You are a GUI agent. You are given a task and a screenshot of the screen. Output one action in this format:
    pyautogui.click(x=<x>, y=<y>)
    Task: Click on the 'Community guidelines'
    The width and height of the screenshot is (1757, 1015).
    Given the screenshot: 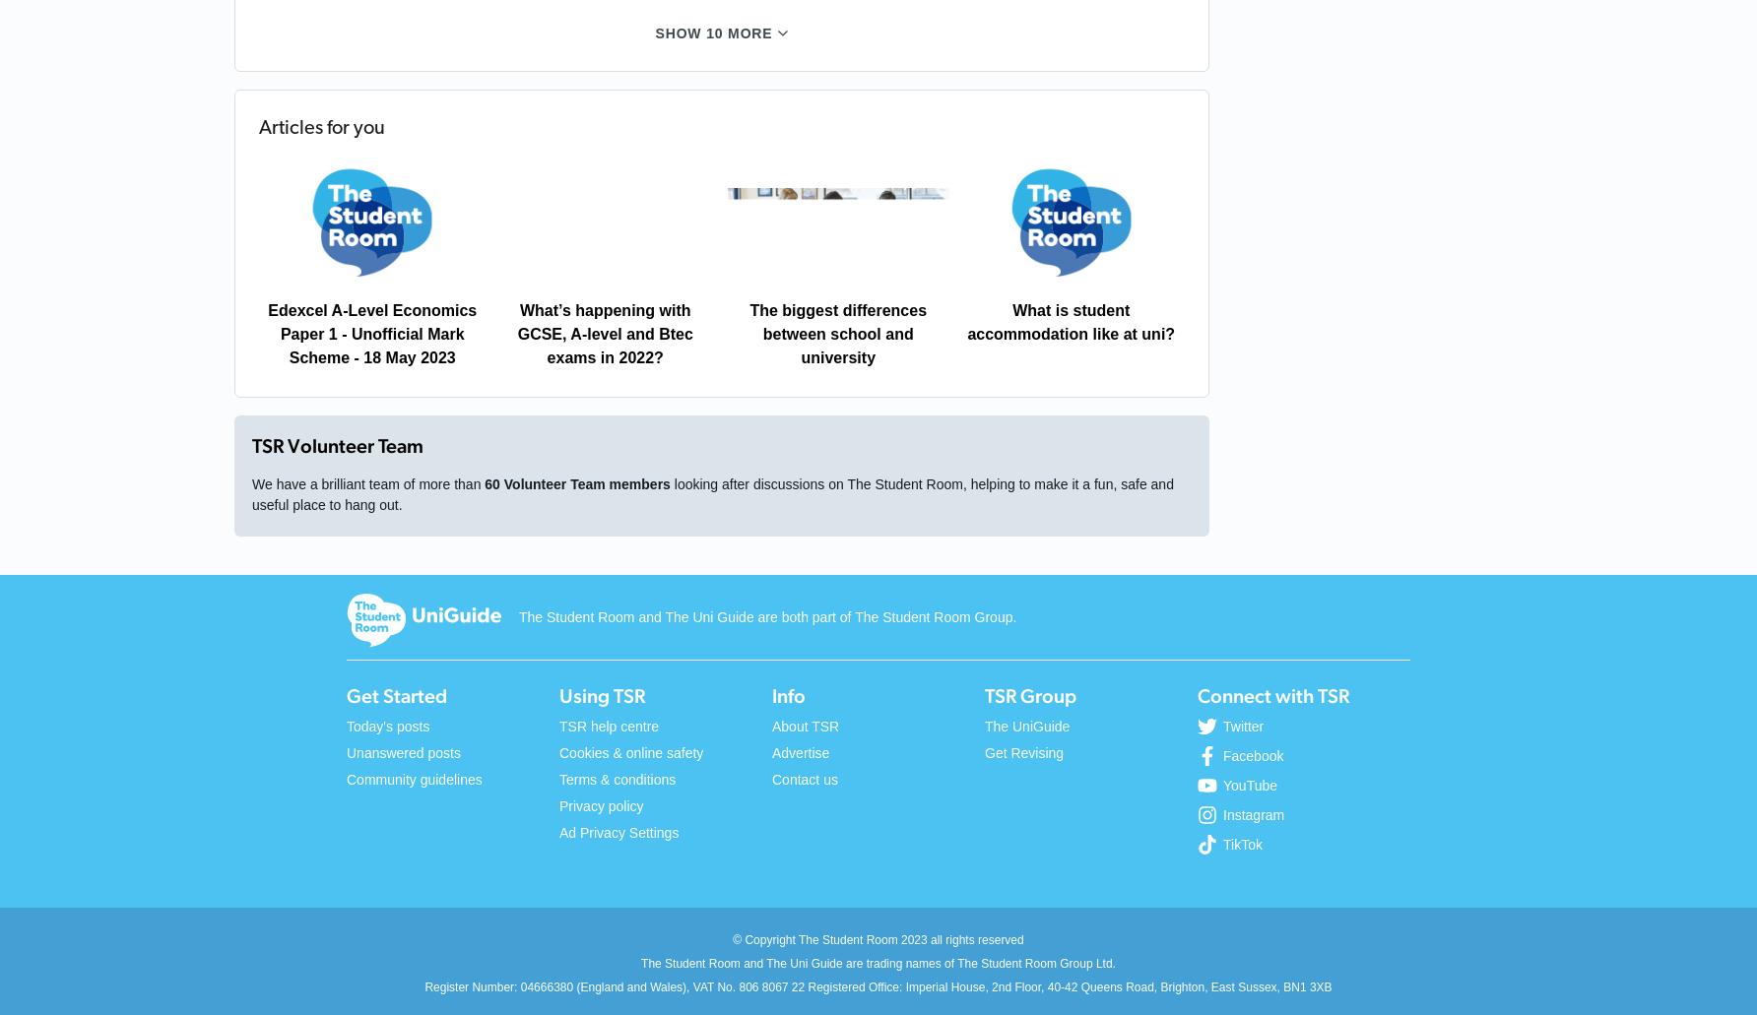 What is the action you would take?
    pyautogui.click(x=413, y=779)
    